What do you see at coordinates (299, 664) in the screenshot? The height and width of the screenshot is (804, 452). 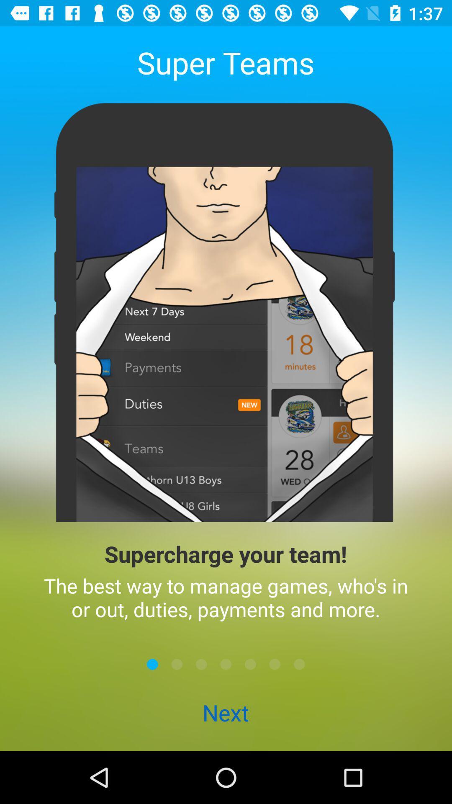 I see `icon above next item` at bounding box center [299, 664].